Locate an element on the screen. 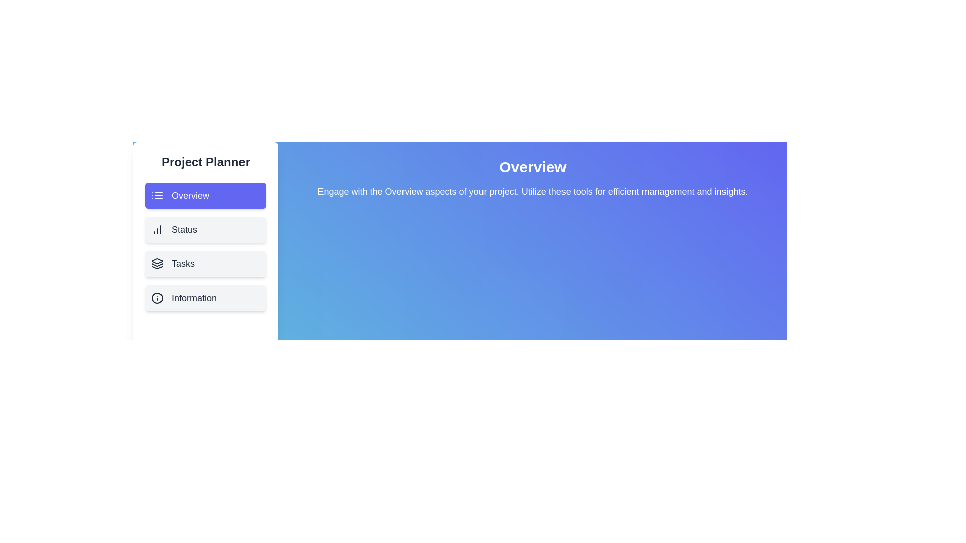 The height and width of the screenshot is (543, 966). the sidebar menu item corresponding to Tasks is located at coordinates (205, 263).